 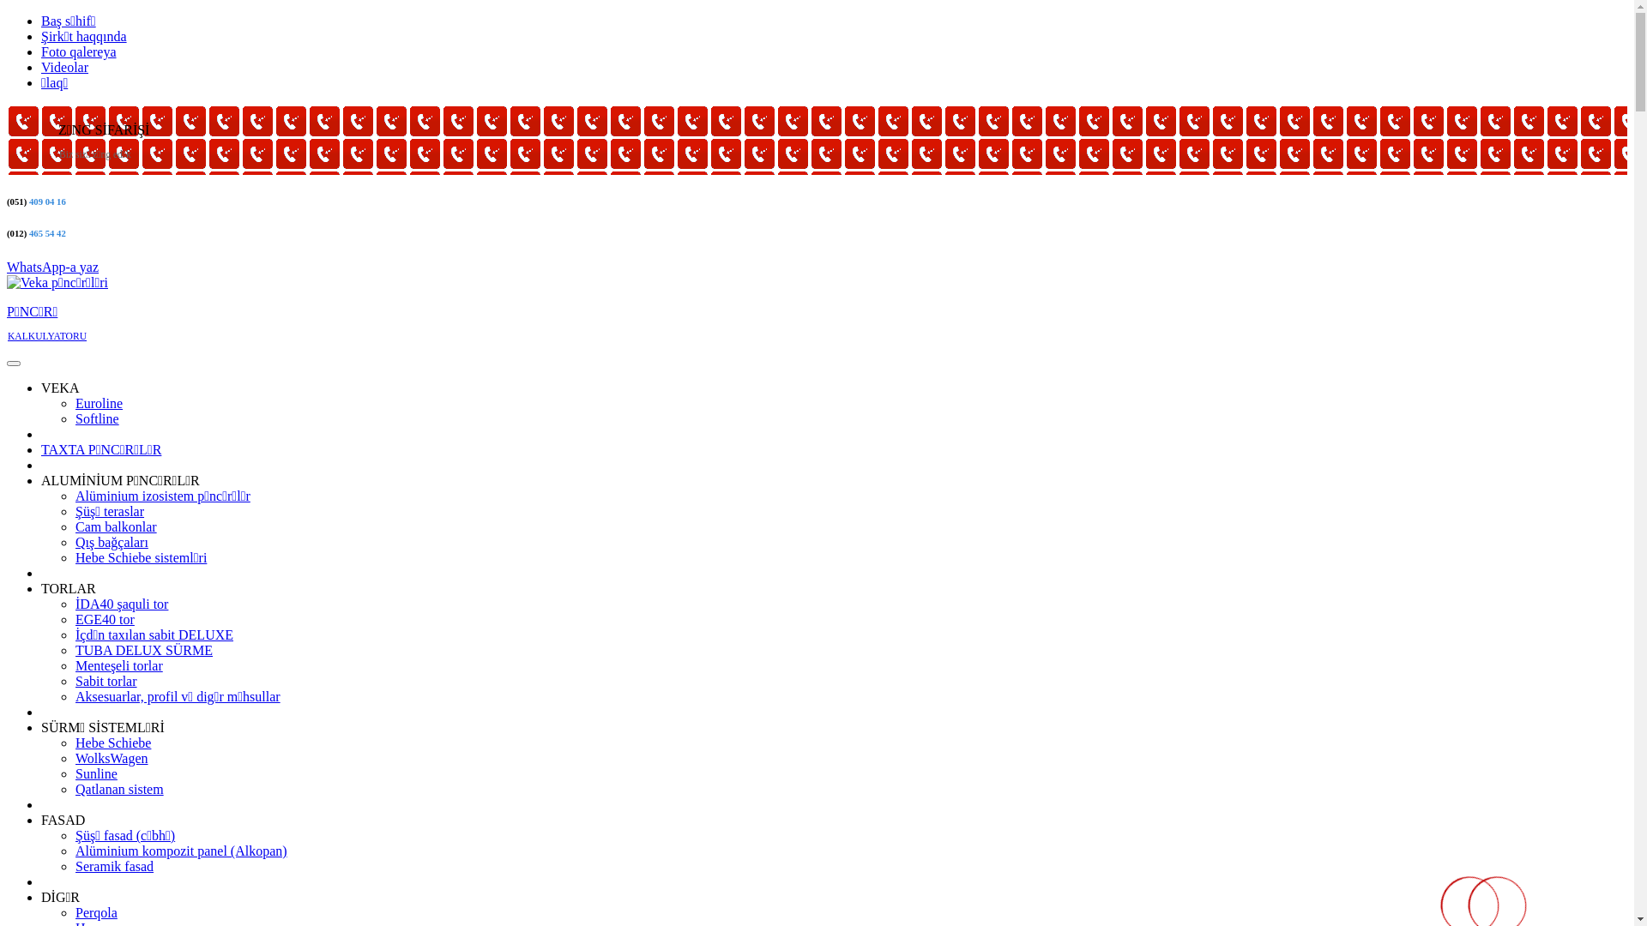 What do you see at coordinates (115, 526) in the screenshot?
I see `'Cam balkonlar'` at bounding box center [115, 526].